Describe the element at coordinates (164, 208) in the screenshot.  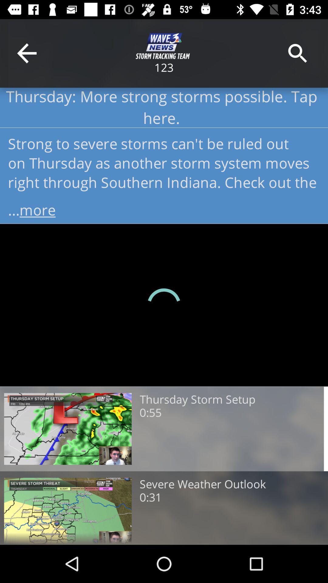
I see `...more item` at that location.